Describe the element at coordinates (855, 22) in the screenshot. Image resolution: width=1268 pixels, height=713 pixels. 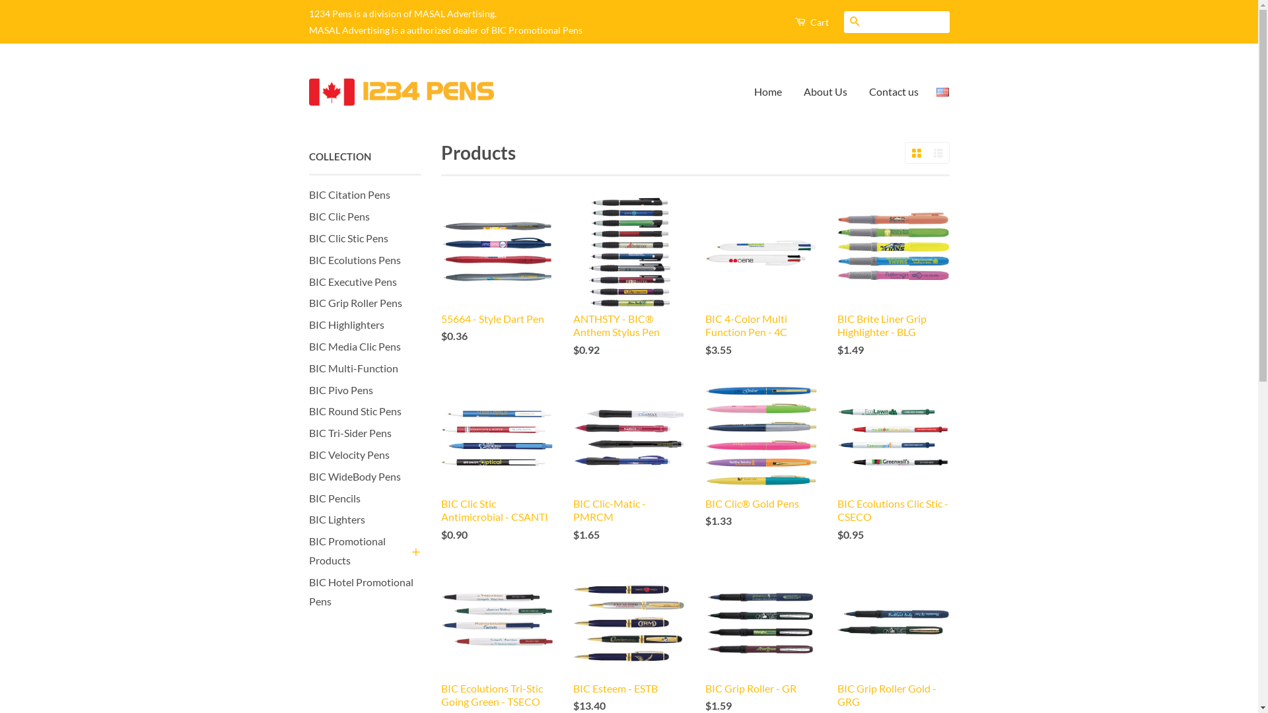
I see `'Search'` at that location.